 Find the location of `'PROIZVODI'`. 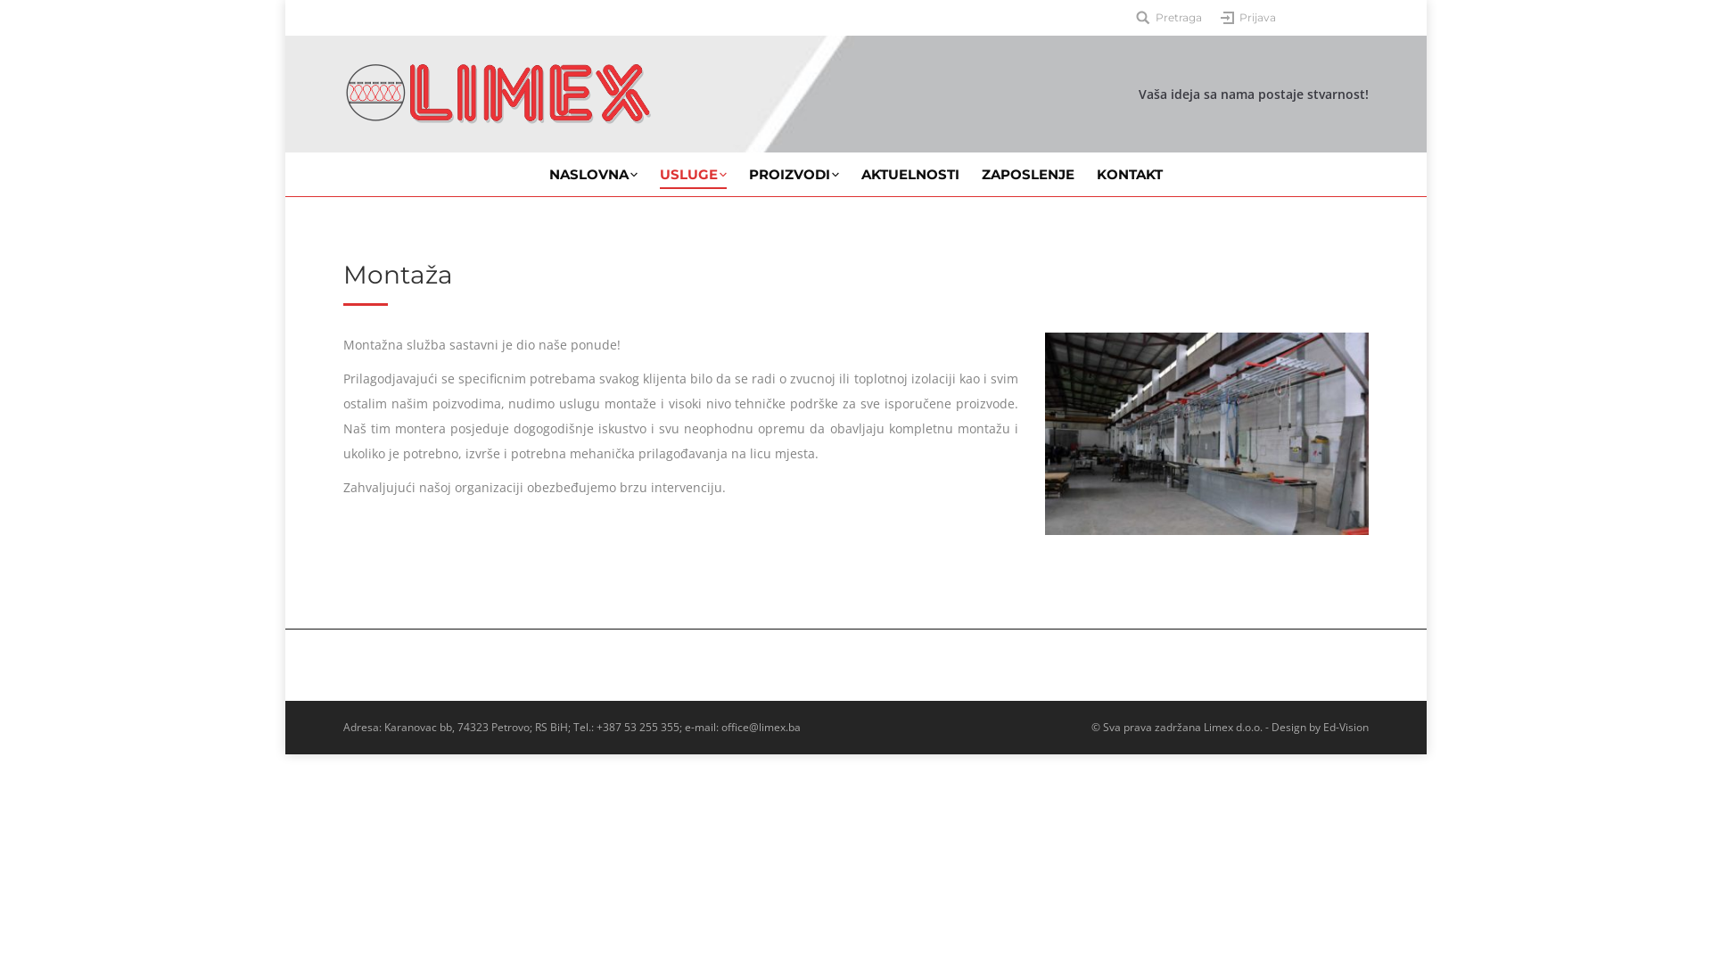

'PROIZVODI' is located at coordinates (749, 174).